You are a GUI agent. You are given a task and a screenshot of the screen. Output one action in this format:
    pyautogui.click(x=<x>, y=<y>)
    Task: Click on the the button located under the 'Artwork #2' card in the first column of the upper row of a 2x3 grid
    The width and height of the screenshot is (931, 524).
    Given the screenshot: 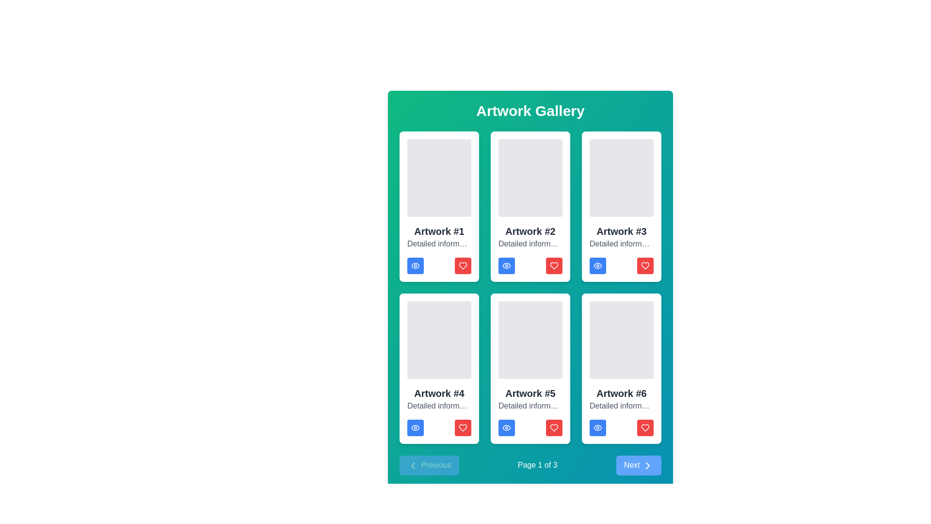 What is the action you would take?
    pyautogui.click(x=506, y=265)
    